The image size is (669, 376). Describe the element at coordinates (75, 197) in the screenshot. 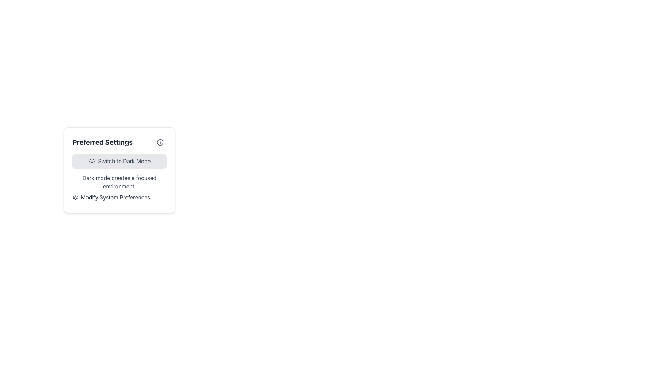

I see `the settings icon located in the middle of the interface's right side` at that location.